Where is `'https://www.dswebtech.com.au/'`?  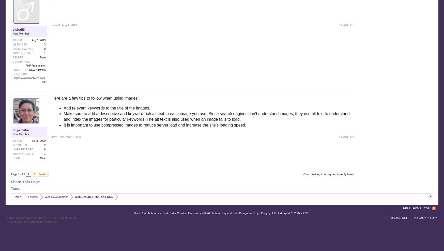 'https://www.dswebtech.com.au/' is located at coordinates (29, 80).